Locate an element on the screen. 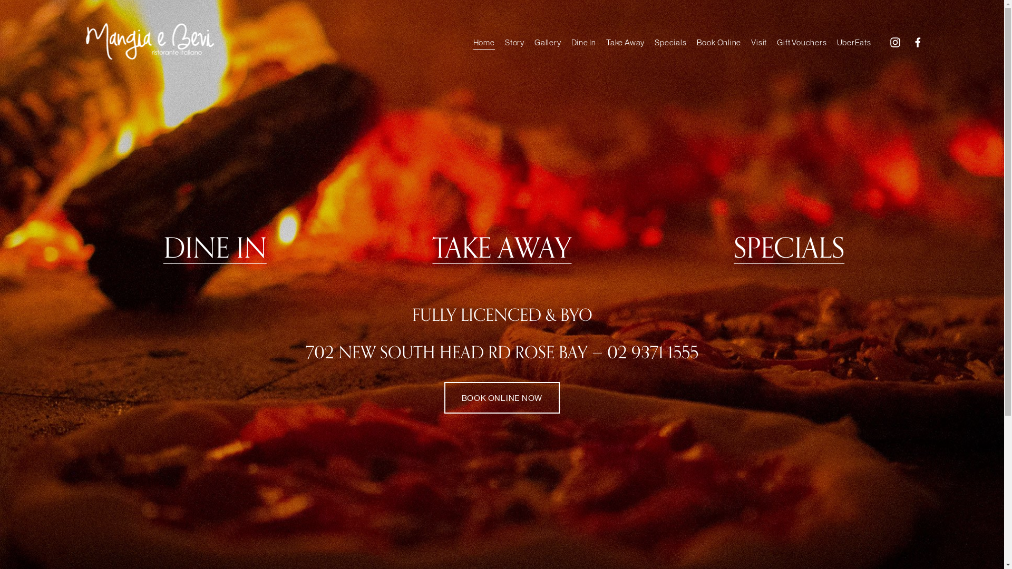 This screenshot has width=1012, height=569. 'BOOK ONLINE NOW' is located at coordinates (501, 397).